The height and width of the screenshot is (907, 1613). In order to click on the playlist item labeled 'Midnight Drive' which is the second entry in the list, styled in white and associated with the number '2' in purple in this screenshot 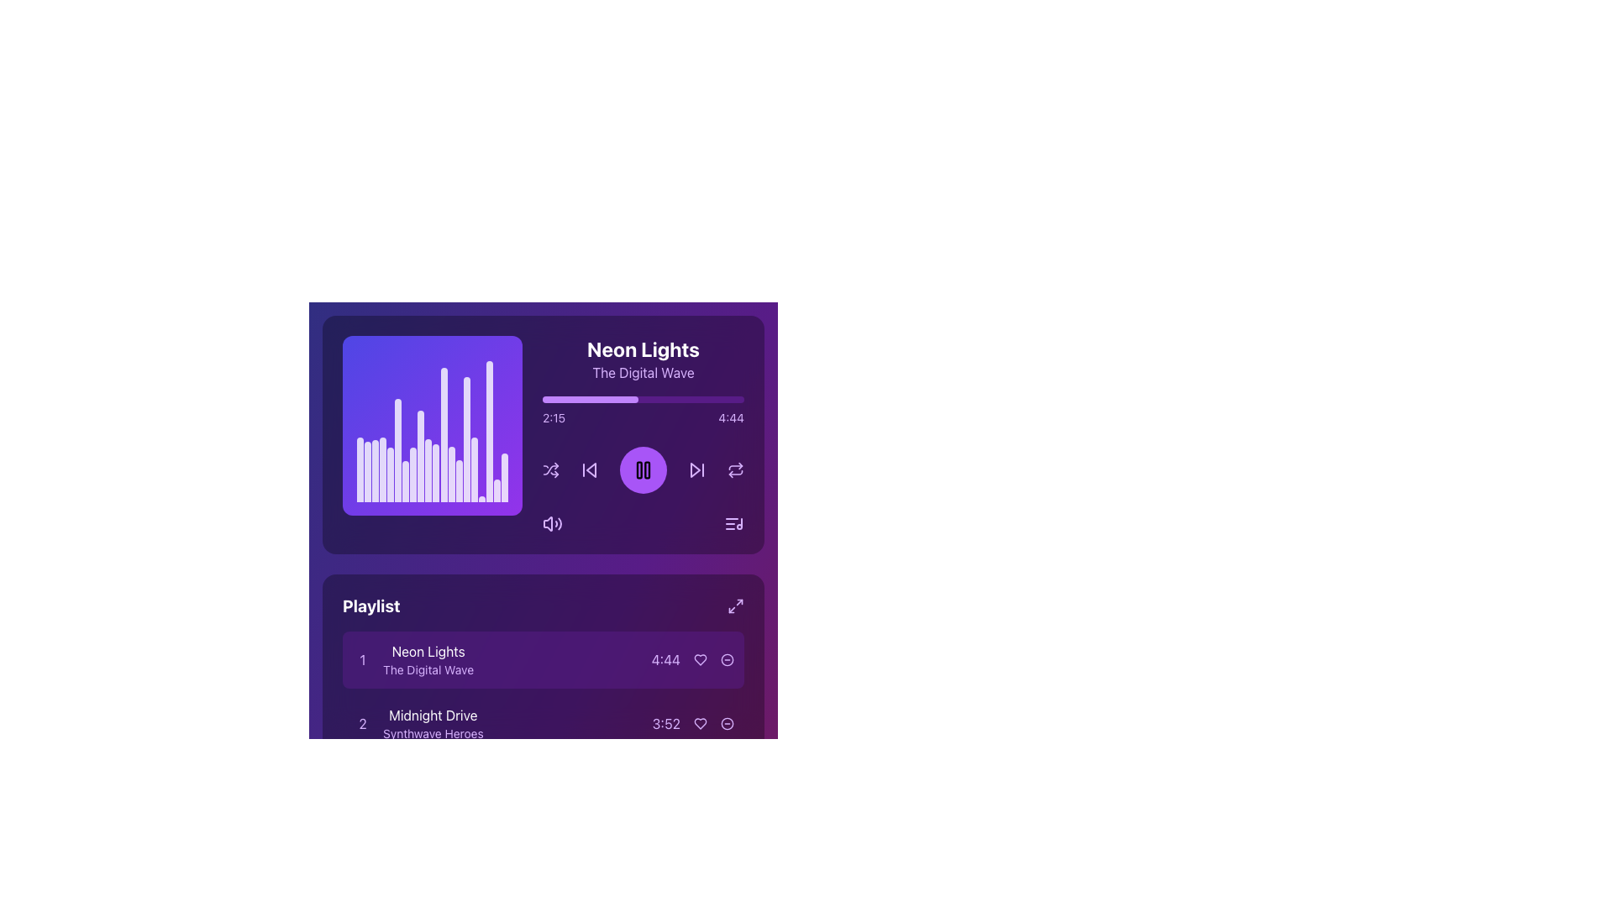, I will do `click(418, 722)`.